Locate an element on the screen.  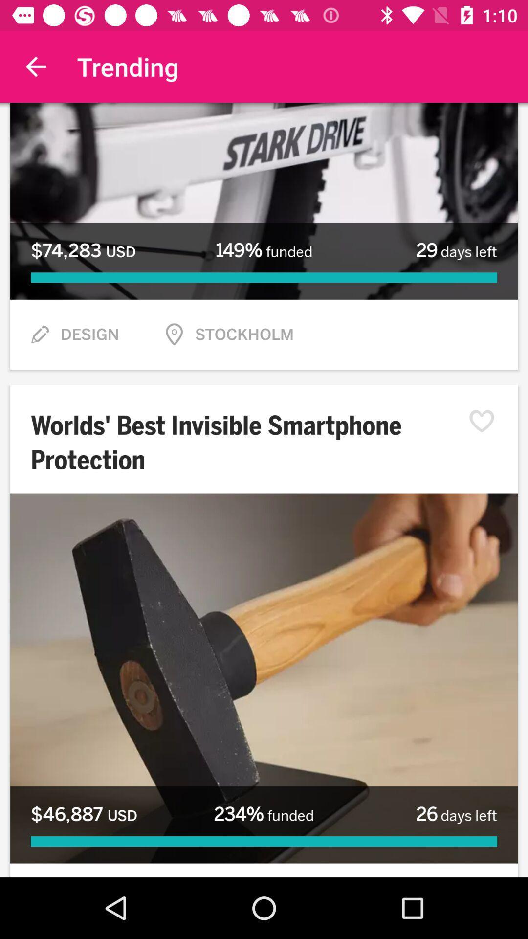
the item above the worlds best invisible is located at coordinates (39, 335).